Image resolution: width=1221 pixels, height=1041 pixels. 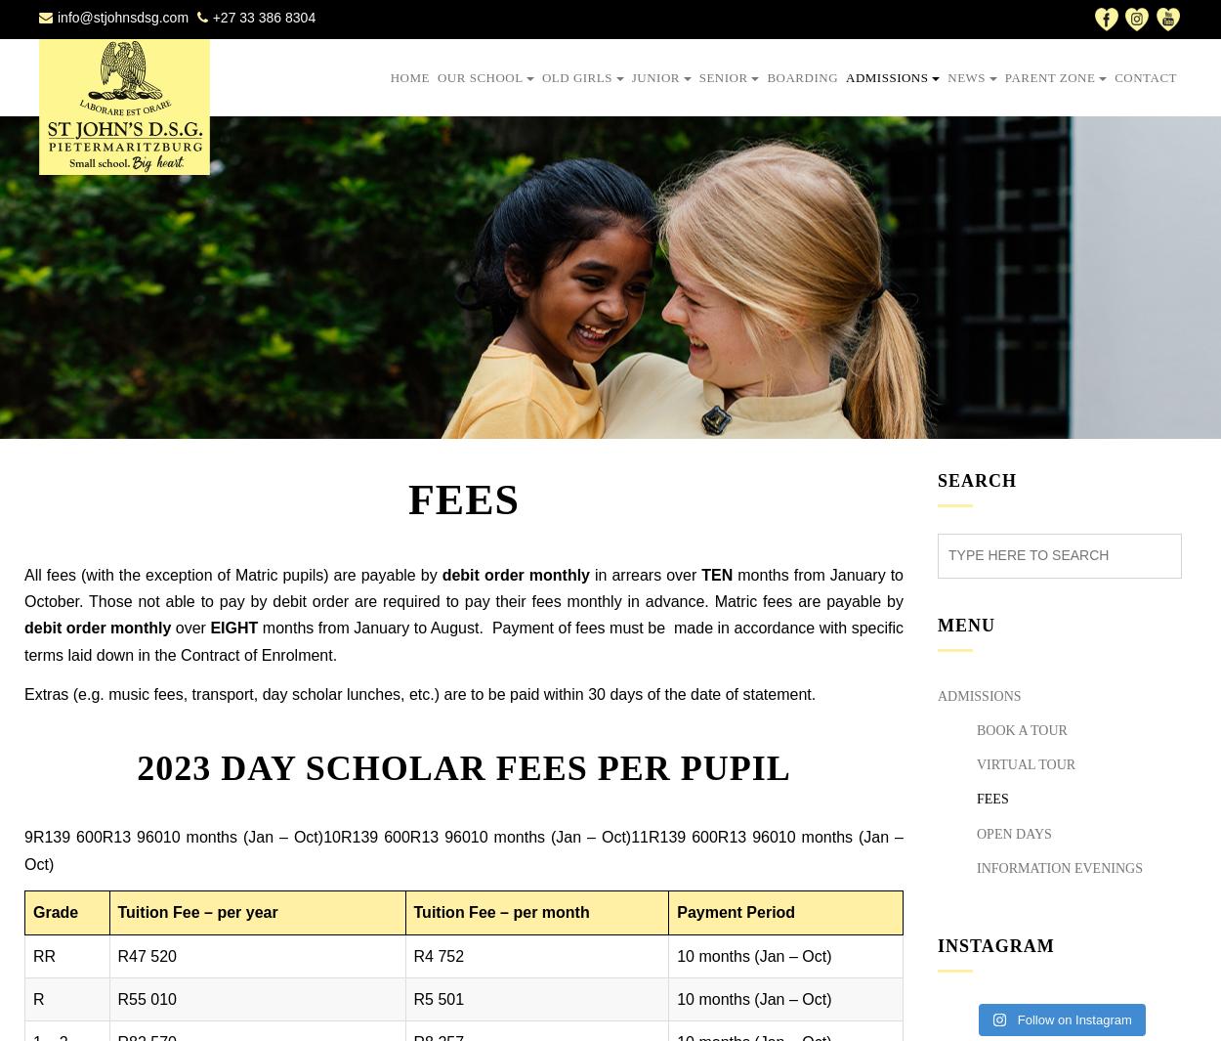 What do you see at coordinates (232, 575) in the screenshot?
I see `'All fees (with the exception of Matric pupils) are payable by'` at bounding box center [232, 575].